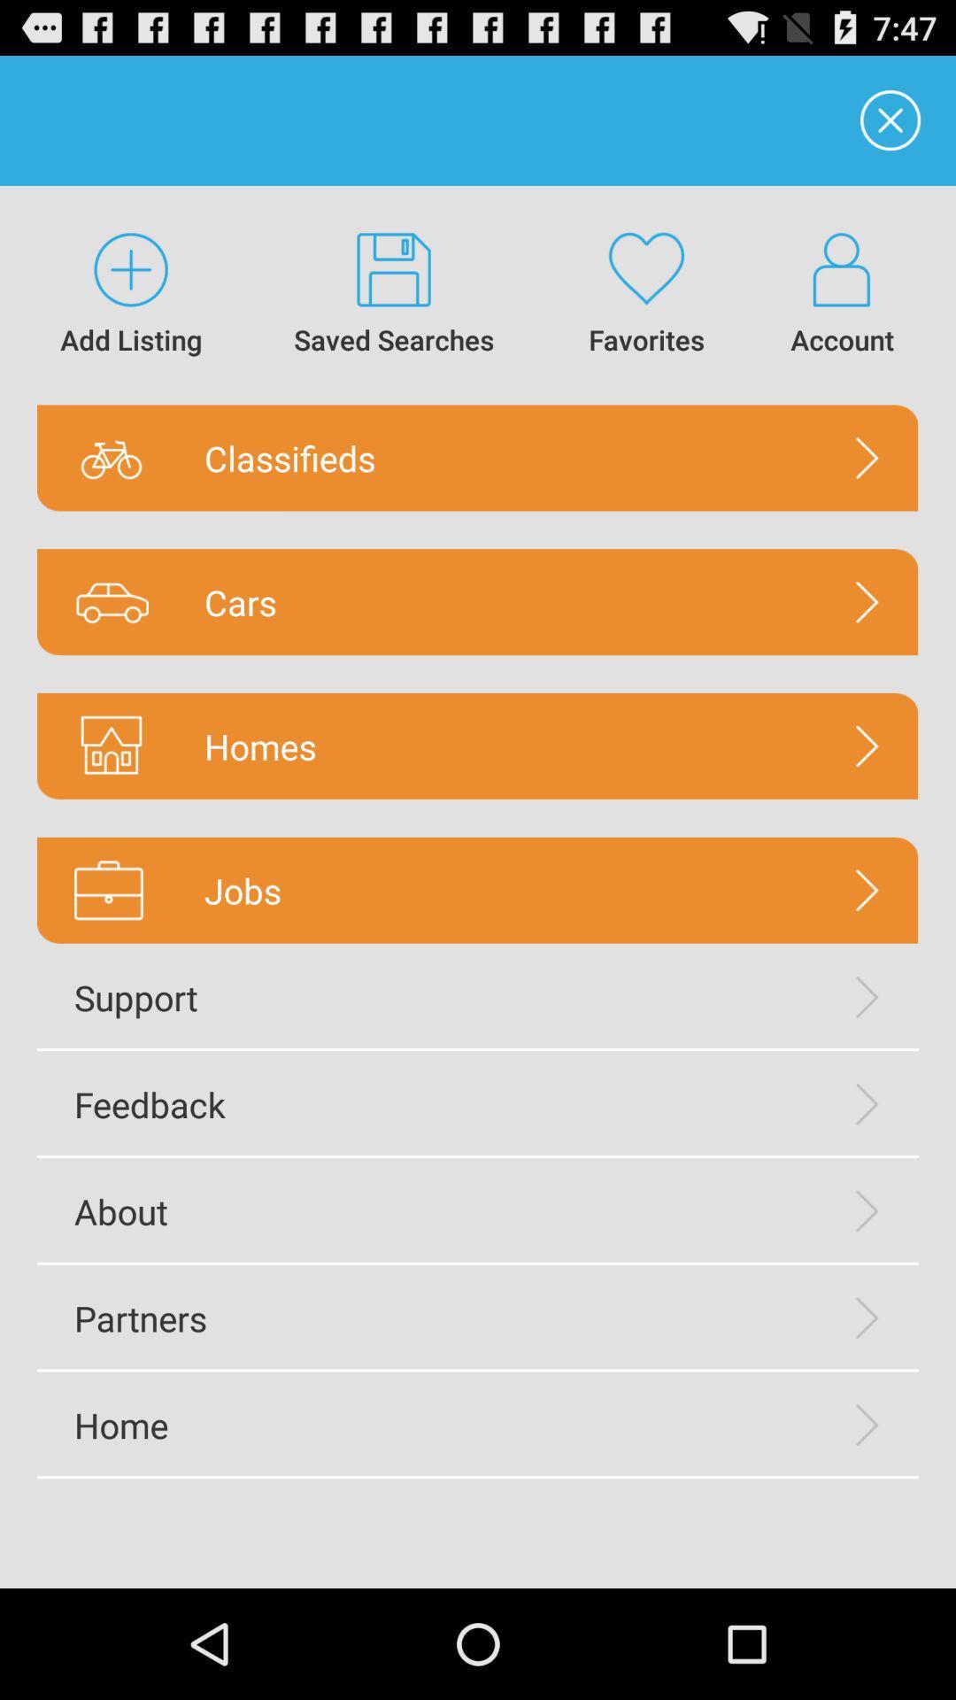 The width and height of the screenshot is (956, 1700). What do you see at coordinates (130, 295) in the screenshot?
I see `the add listing item` at bounding box center [130, 295].